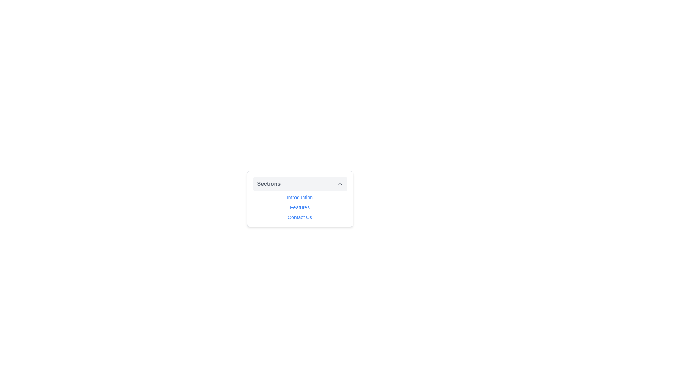  What do you see at coordinates (300, 207) in the screenshot?
I see `the text label 'Features' in the vertical menu under 'Sections'` at bounding box center [300, 207].